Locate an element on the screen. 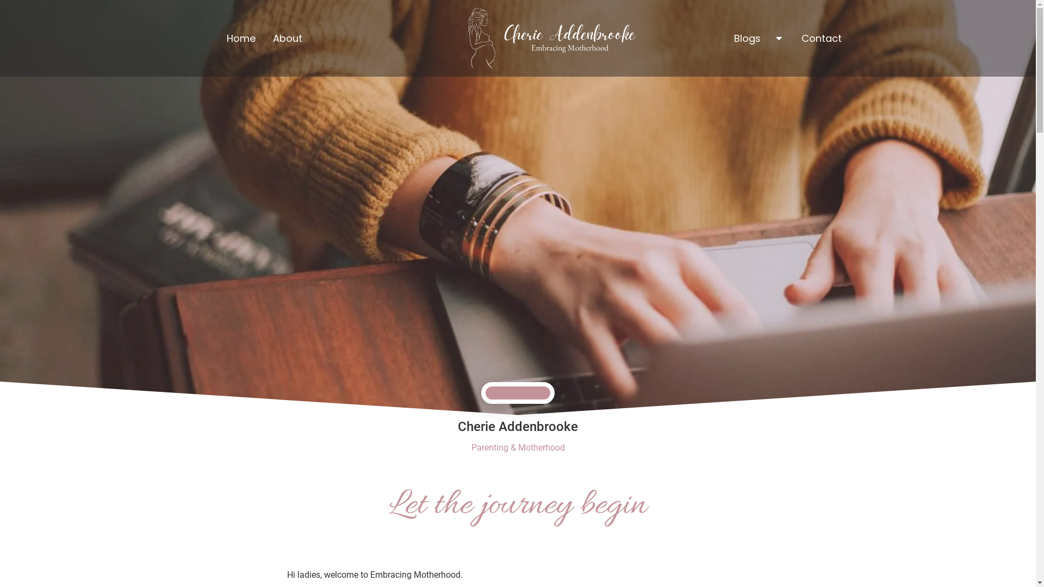  'Blogs' is located at coordinates (747, 37).